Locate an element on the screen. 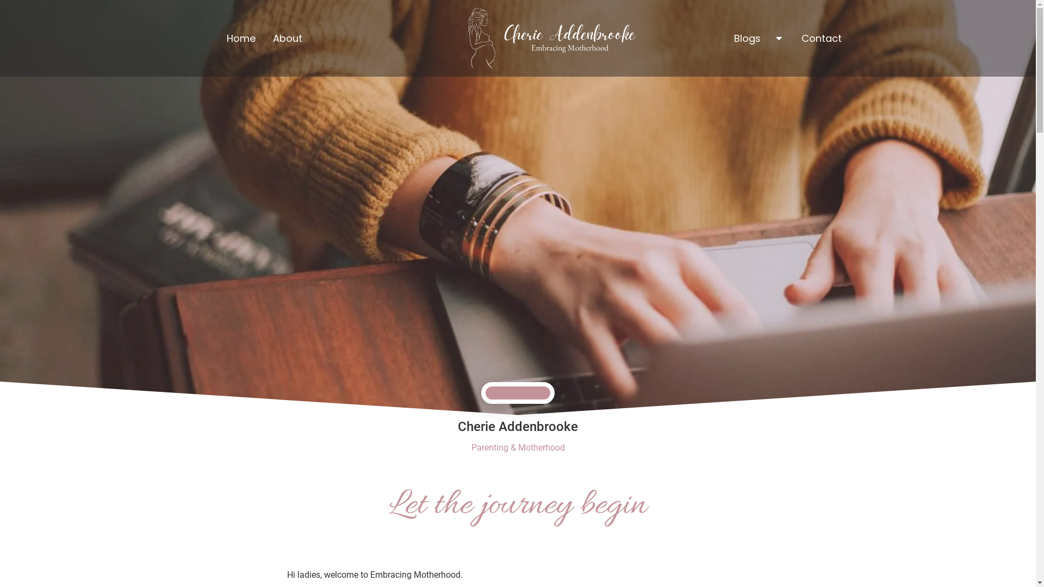  'Blogs' is located at coordinates (747, 37).